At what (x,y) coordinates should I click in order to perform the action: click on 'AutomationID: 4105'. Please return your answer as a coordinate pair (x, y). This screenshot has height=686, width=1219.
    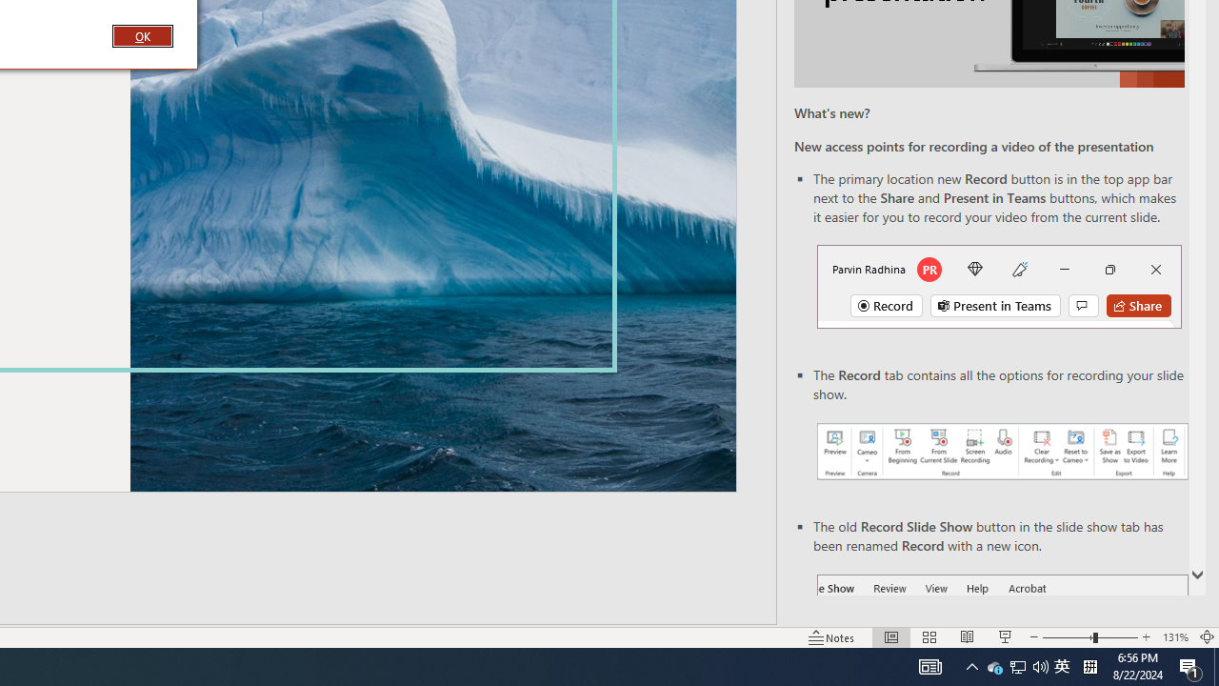
    Looking at the image, I should click on (930, 665).